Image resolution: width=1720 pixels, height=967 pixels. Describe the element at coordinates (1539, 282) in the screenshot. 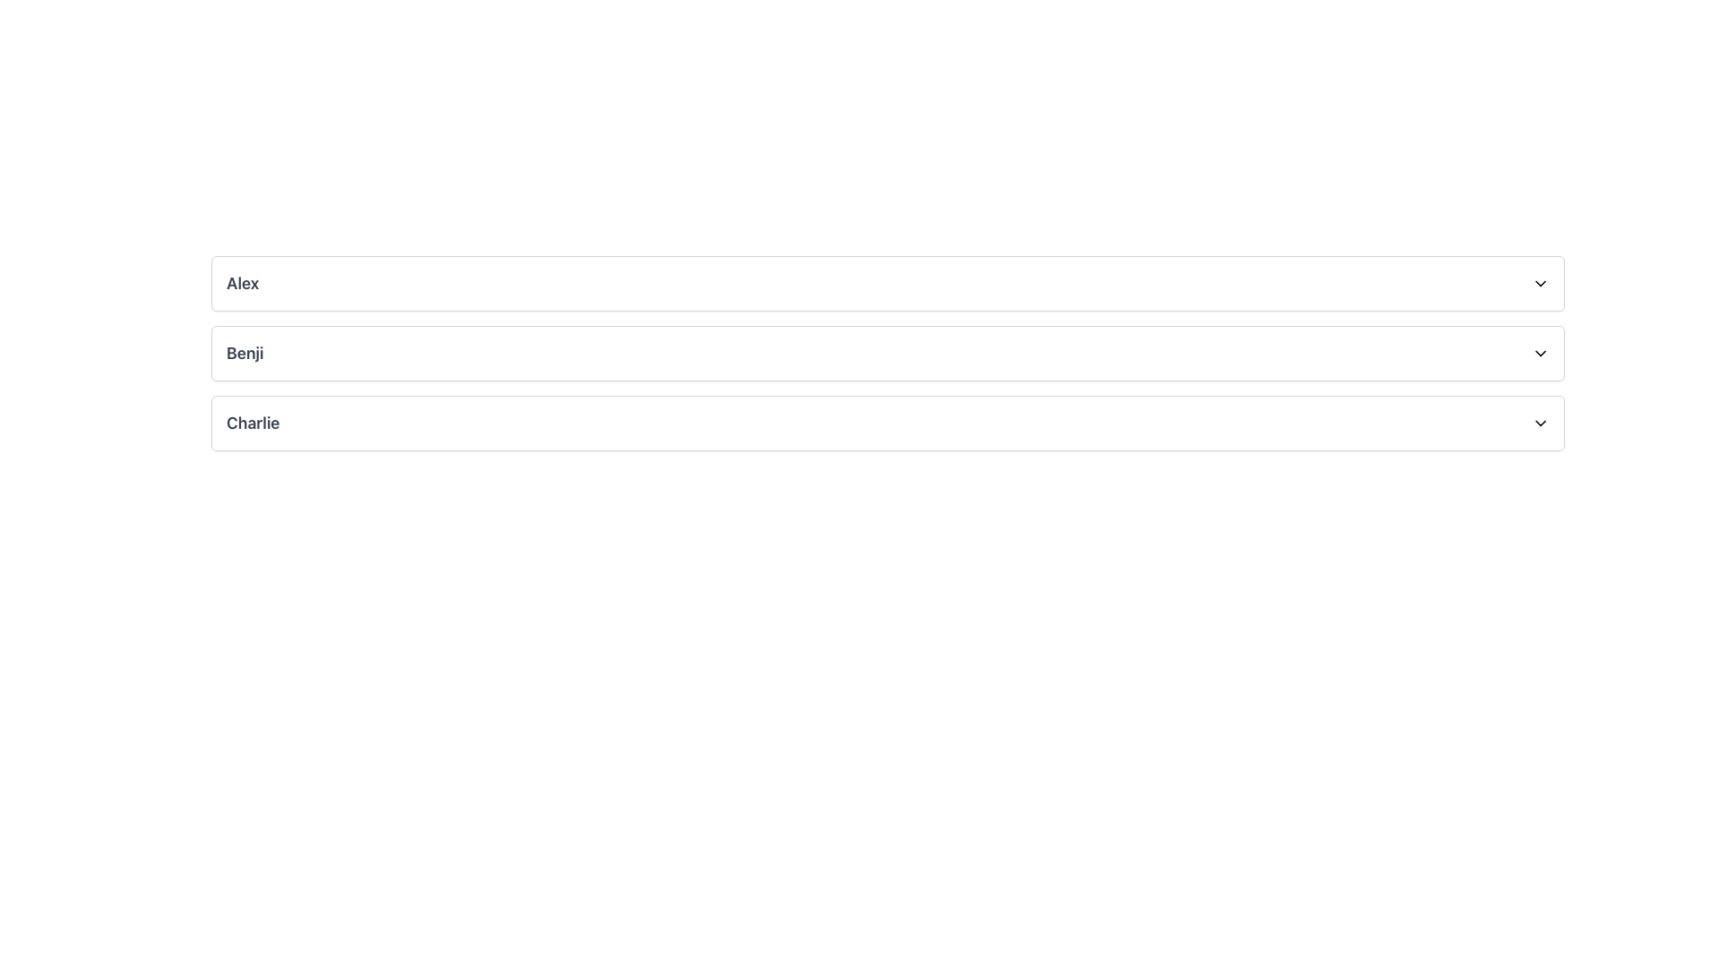

I see `the downward-pointing chevron arrow located to the right of the text 'Alex'` at that location.